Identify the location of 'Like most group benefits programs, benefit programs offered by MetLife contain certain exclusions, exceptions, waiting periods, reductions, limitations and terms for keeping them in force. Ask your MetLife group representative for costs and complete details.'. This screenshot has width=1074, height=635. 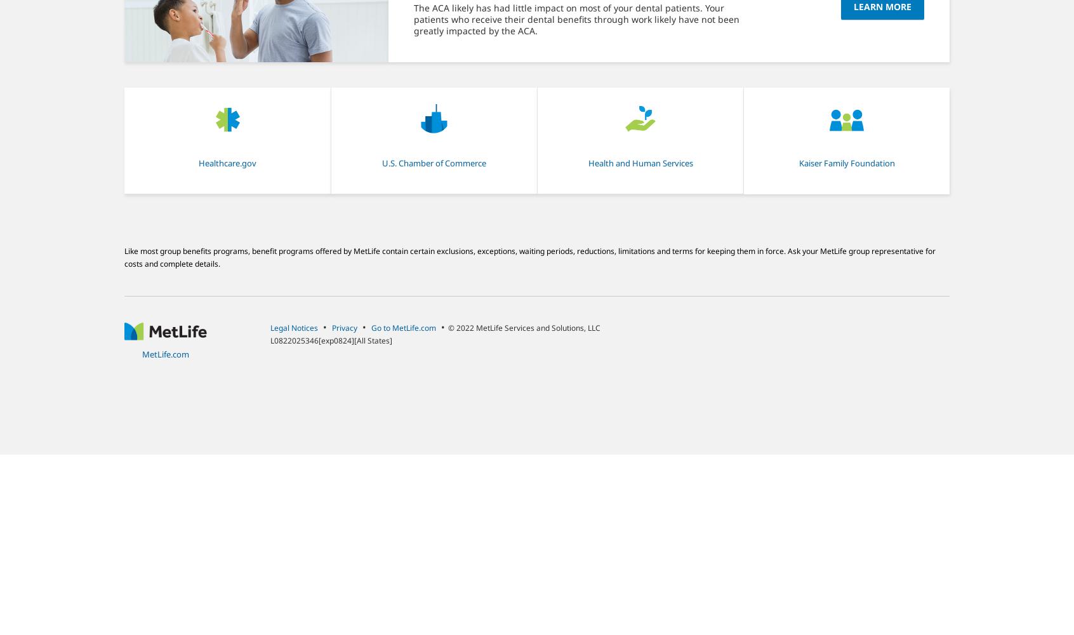
(530, 257).